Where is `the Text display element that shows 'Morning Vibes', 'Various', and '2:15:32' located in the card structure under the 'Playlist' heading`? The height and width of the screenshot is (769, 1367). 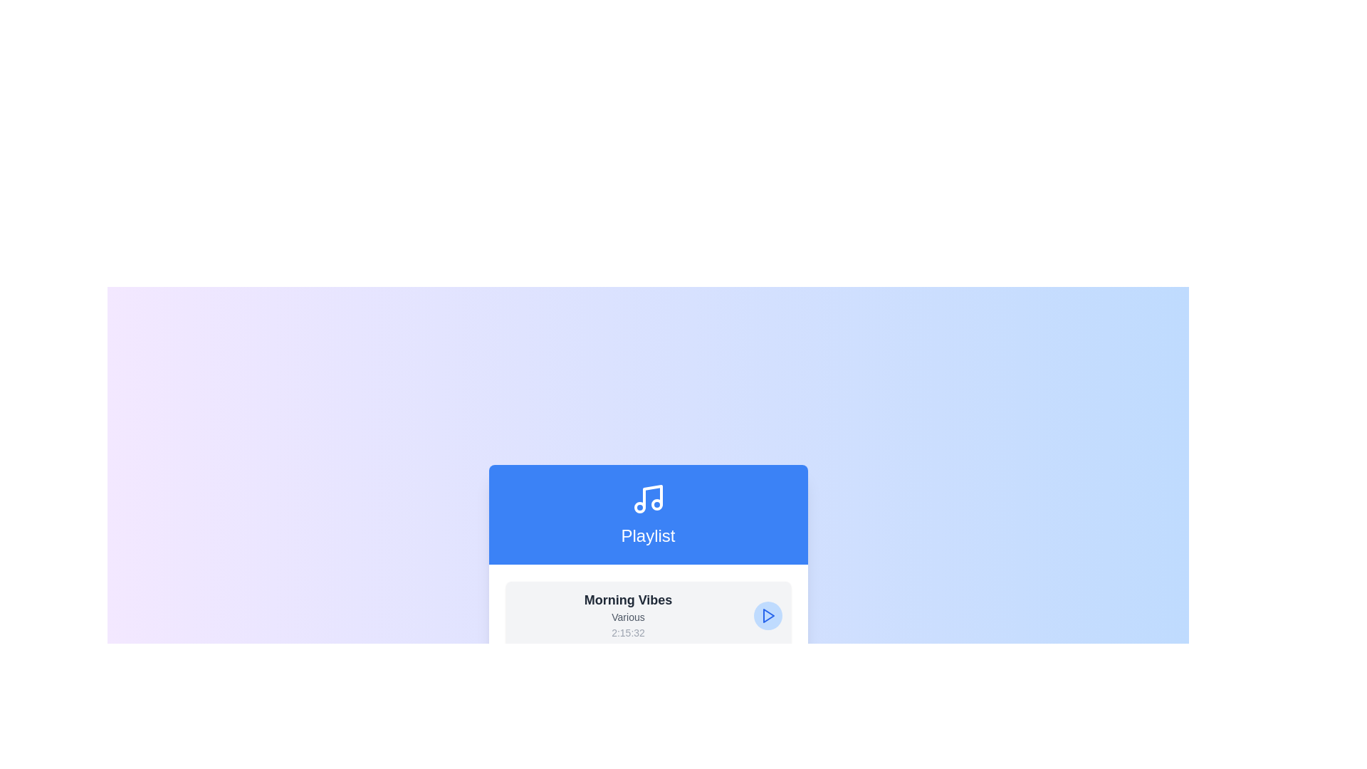 the Text display element that shows 'Morning Vibes', 'Various', and '2:15:32' located in the card structure under the 'Playlist' heading is located at coordinates (627, 614).